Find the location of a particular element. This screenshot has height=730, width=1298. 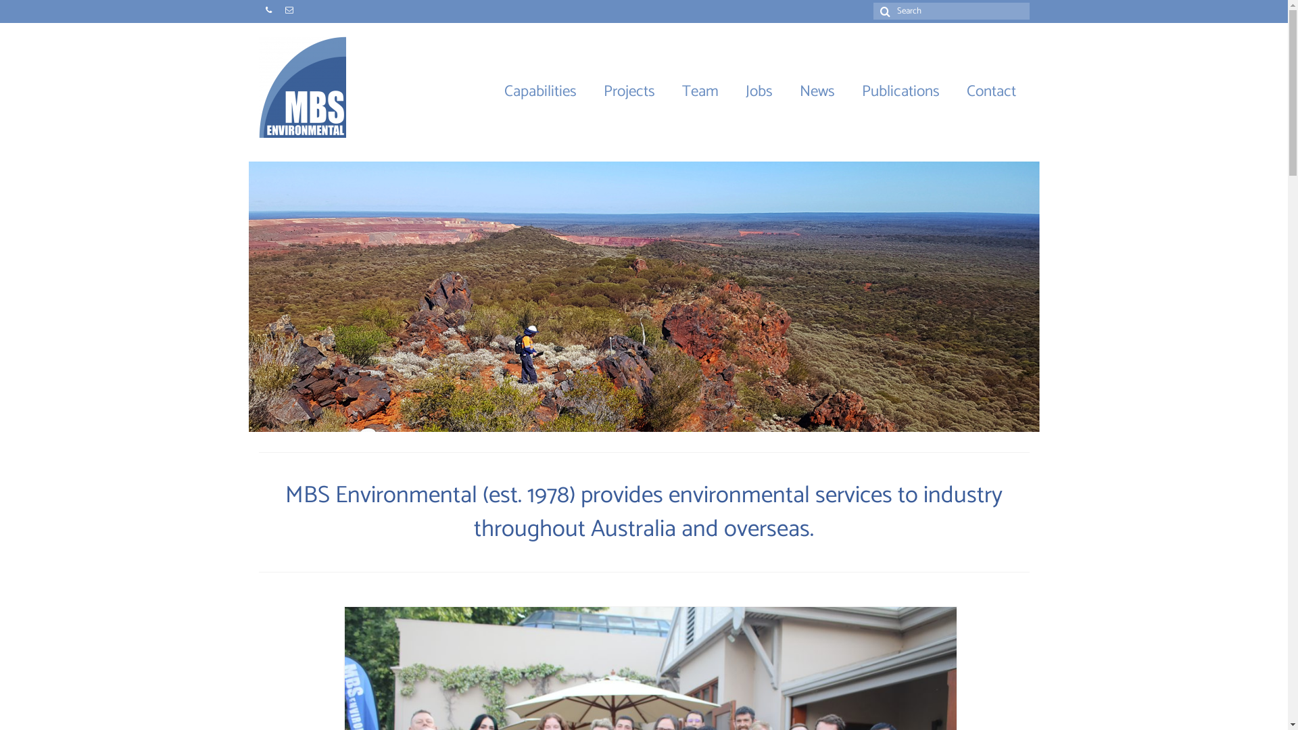

'Contact' is located at coordinates (991, 91).